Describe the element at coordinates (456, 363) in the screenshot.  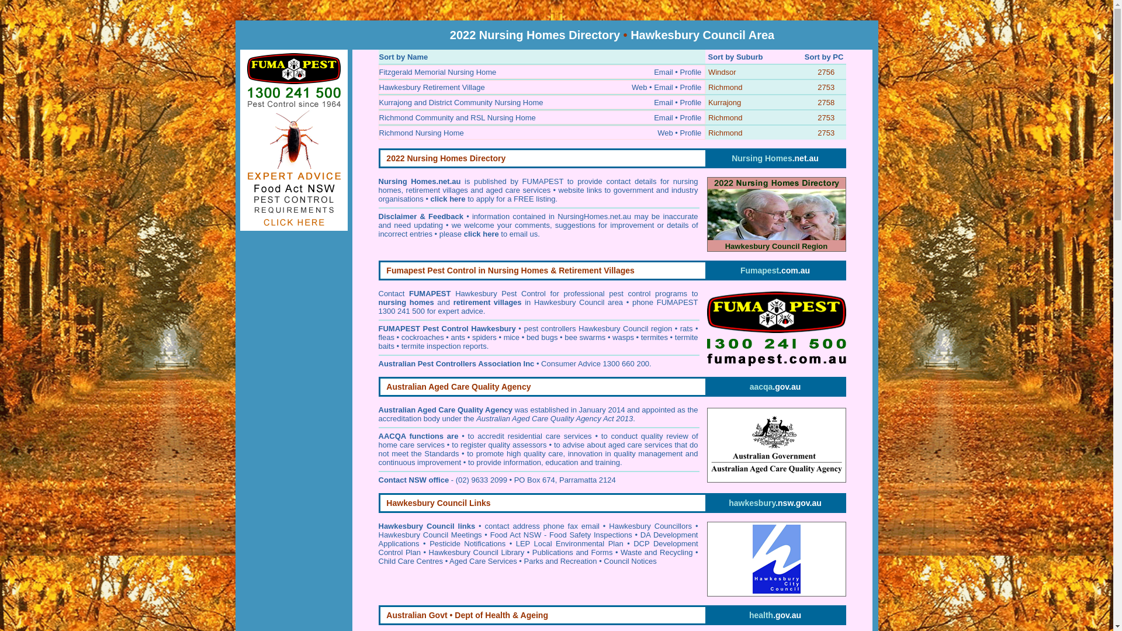
I see `'Australian Pest Controllers Association Inc'` at that location.